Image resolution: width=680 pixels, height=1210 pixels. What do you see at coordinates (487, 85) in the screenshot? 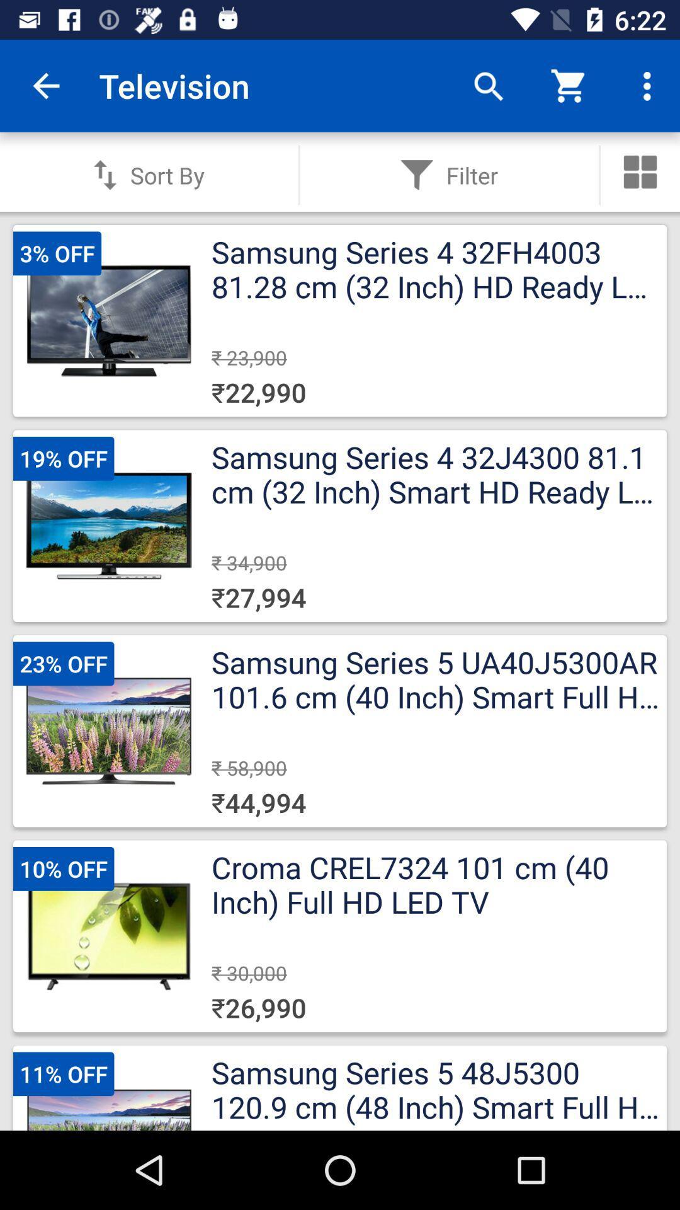
I see `app next to the television app` at bounding box center [487, 85].